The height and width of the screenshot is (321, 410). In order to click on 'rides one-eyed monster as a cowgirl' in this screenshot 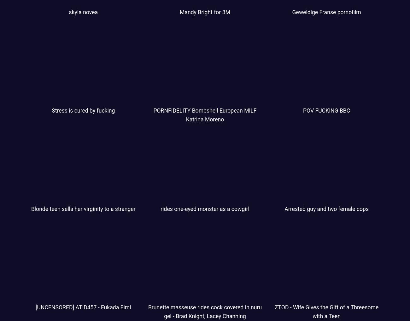, I will do `click(205, 209)`.